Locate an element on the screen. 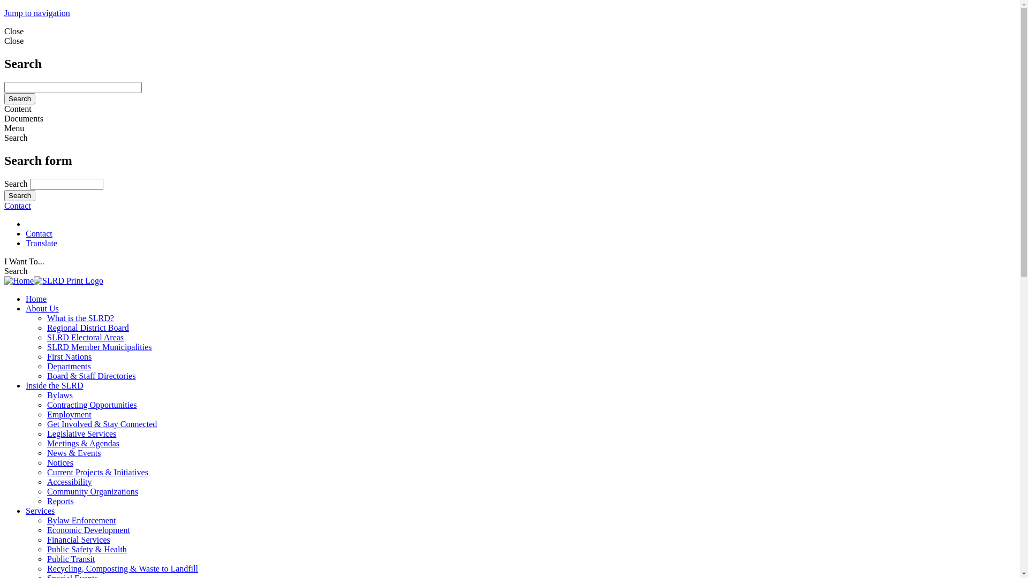 The image size is (1028, 578). 'Bylaw Enforcement' is located at coordinates (81, 520).